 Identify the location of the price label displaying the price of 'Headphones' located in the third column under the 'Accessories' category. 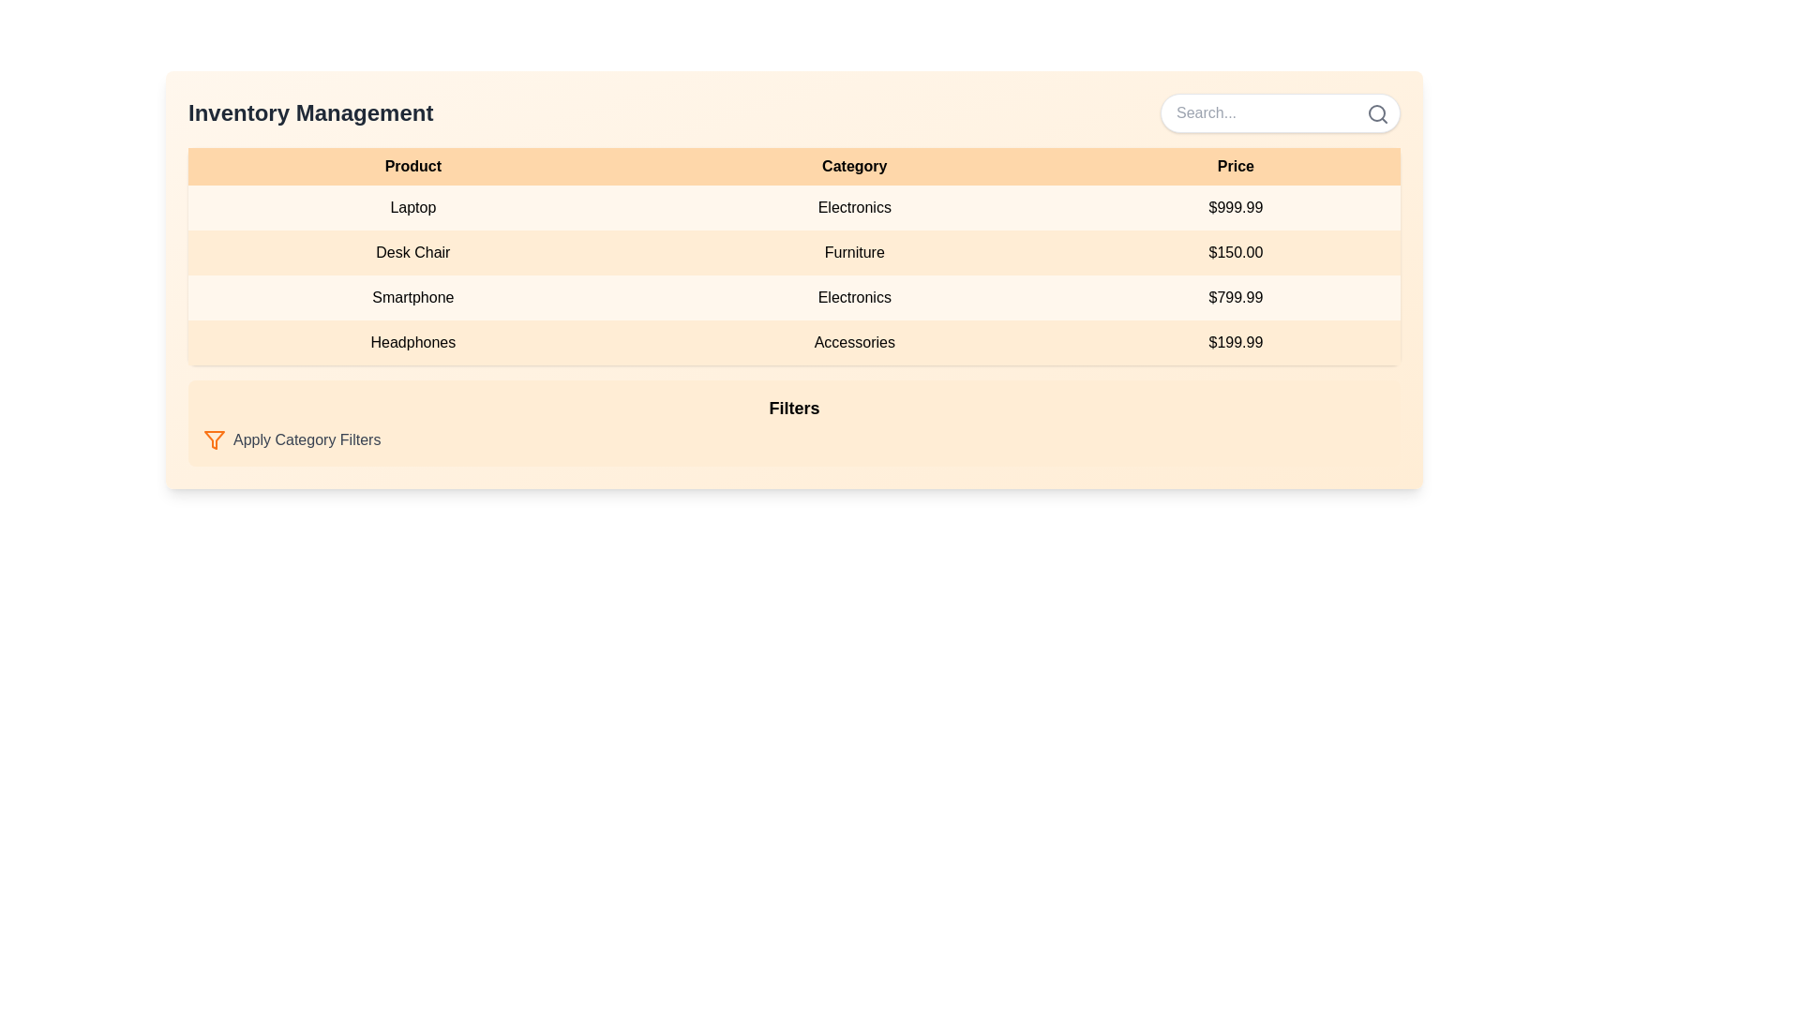
(1236, 343).